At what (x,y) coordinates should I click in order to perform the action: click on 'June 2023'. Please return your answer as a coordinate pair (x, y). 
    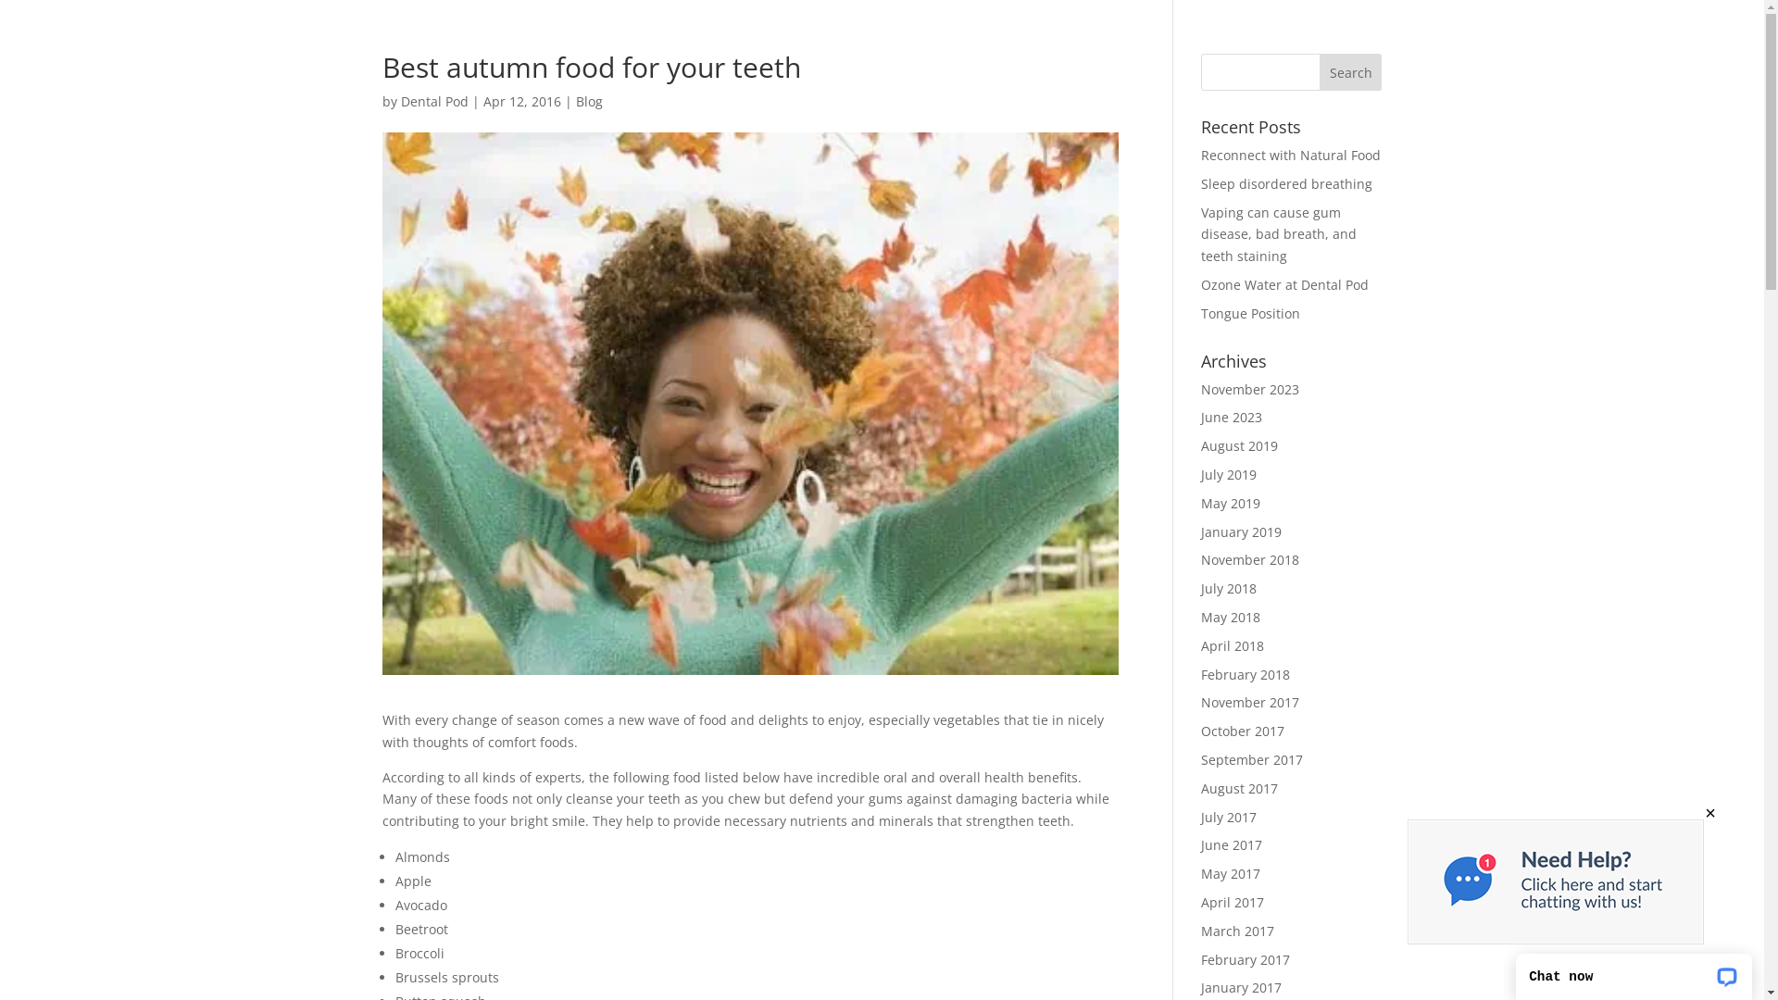
    Looking at the image, I should click on (1231, 417).